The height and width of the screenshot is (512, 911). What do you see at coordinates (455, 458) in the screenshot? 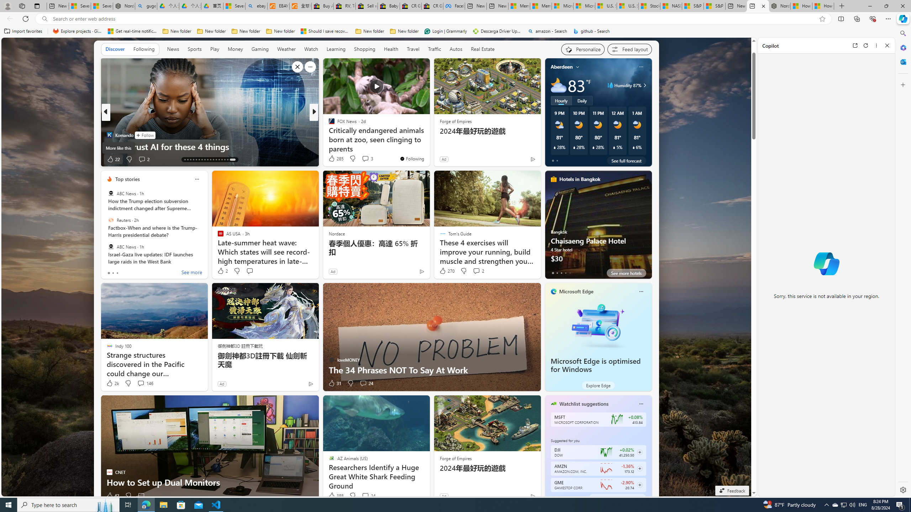
I see `'Forge of Empires'` at bounding box center [455, 458].